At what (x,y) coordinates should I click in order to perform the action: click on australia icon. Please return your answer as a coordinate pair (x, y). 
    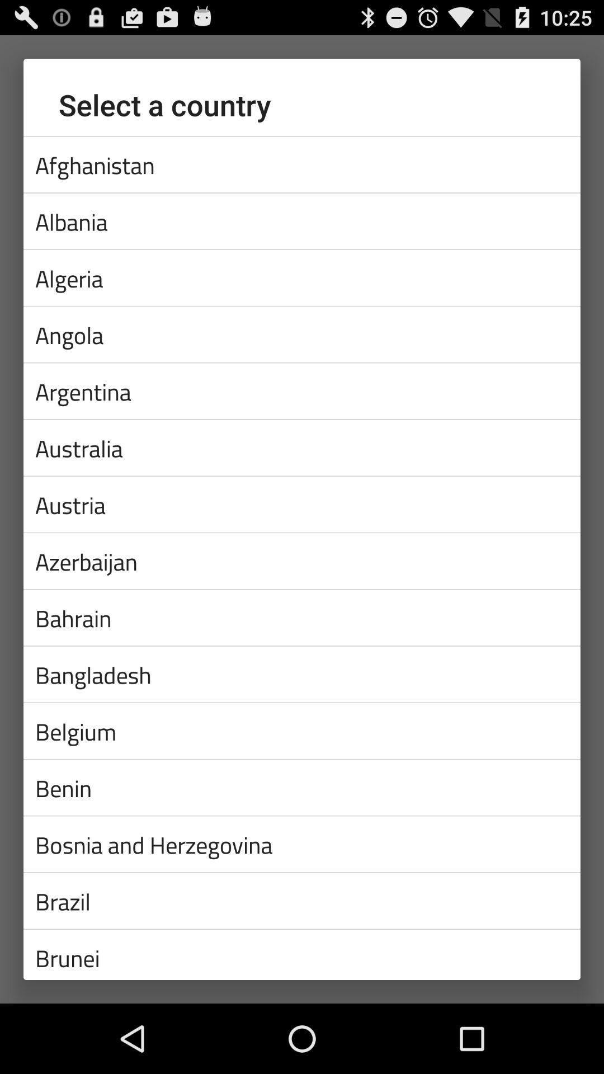
    Looking at the image, I should click on (302, 447).